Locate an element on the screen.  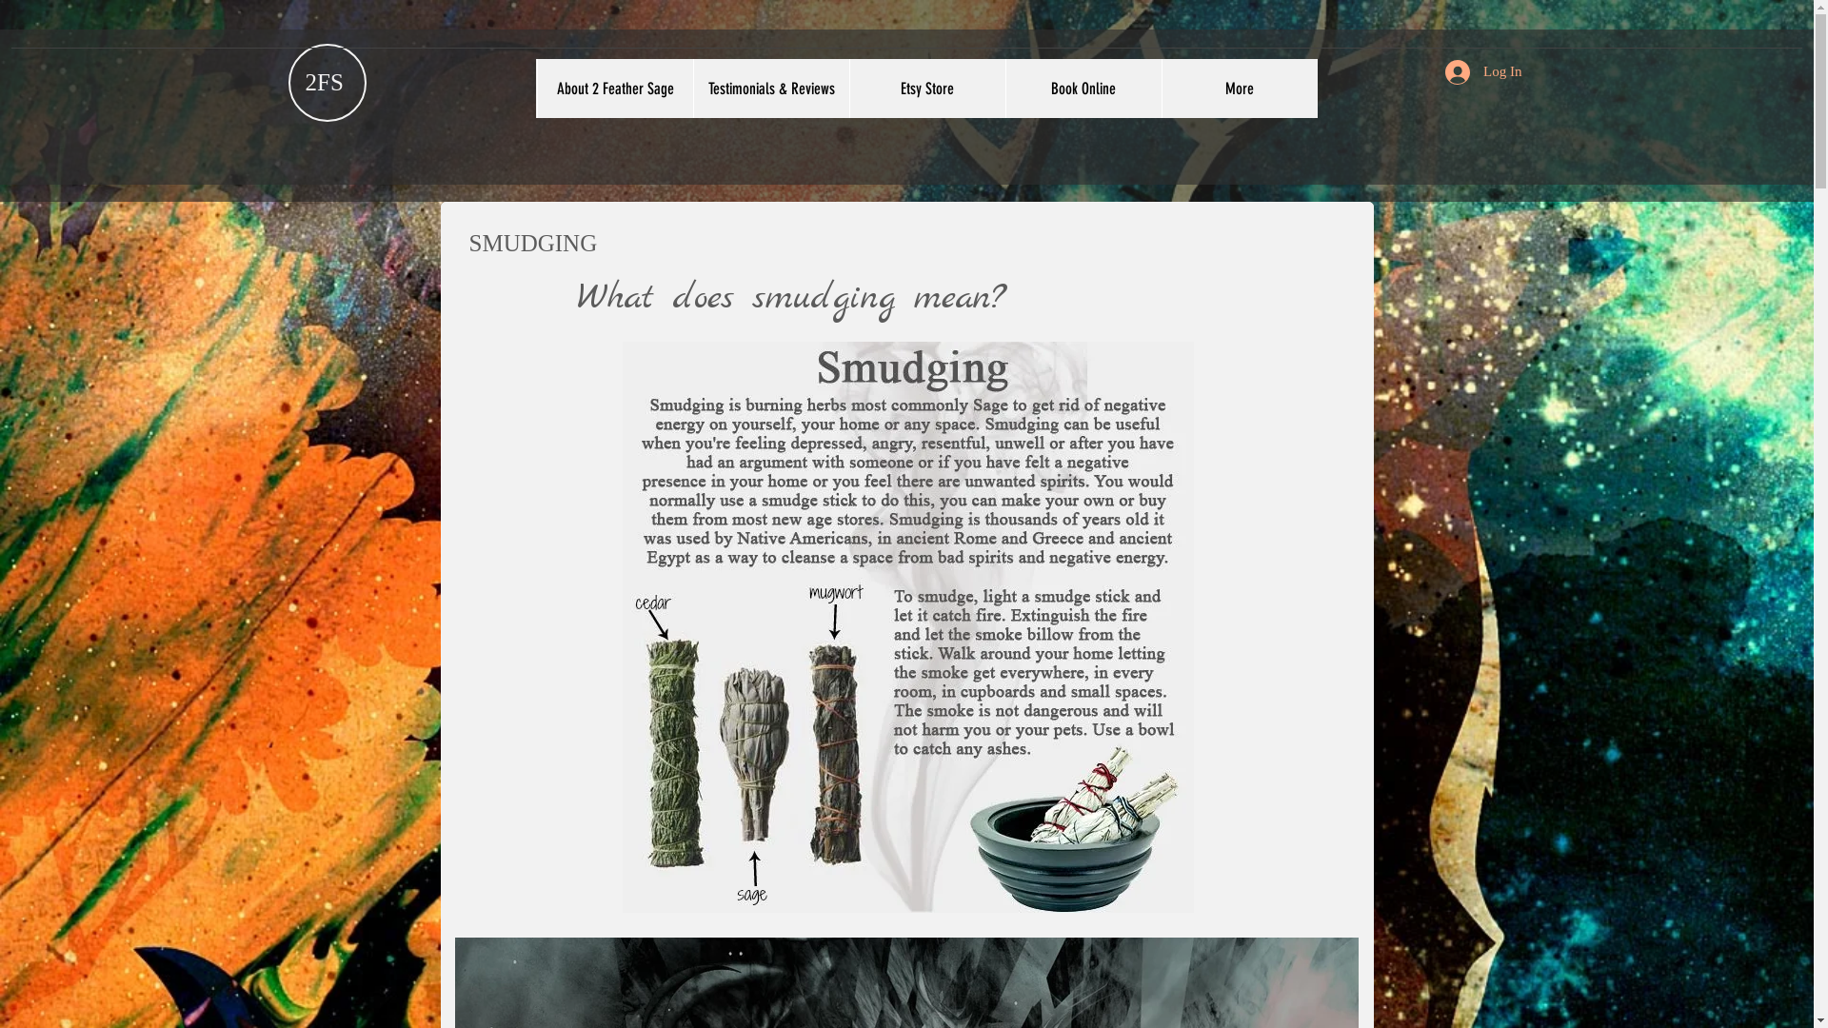
'Book Online' is located at coordinates (1083, 88).